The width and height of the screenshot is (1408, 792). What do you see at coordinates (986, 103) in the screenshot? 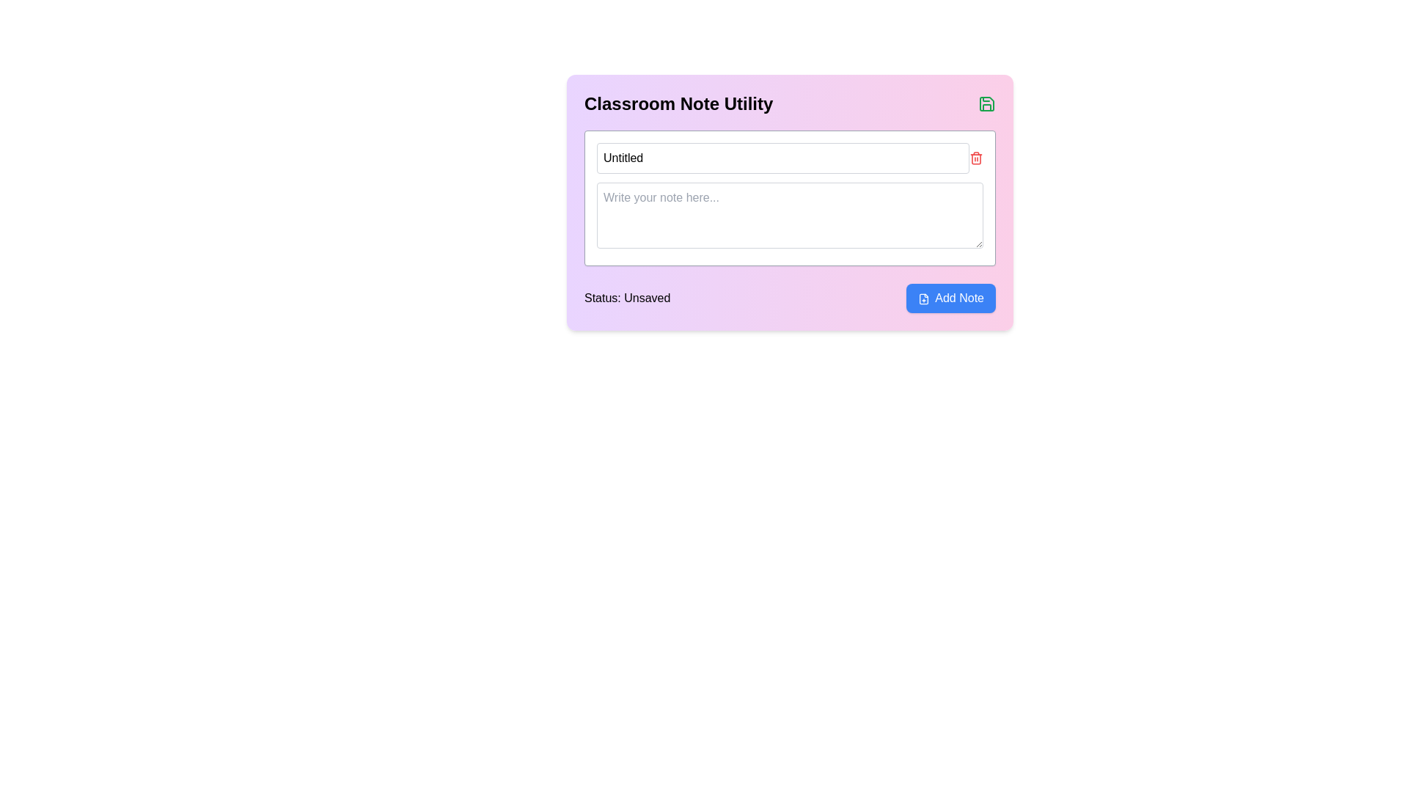
I see `the save icon located in the top-right corner of the 'Classroom Note Utility' header` at bounding box center [986, 103].